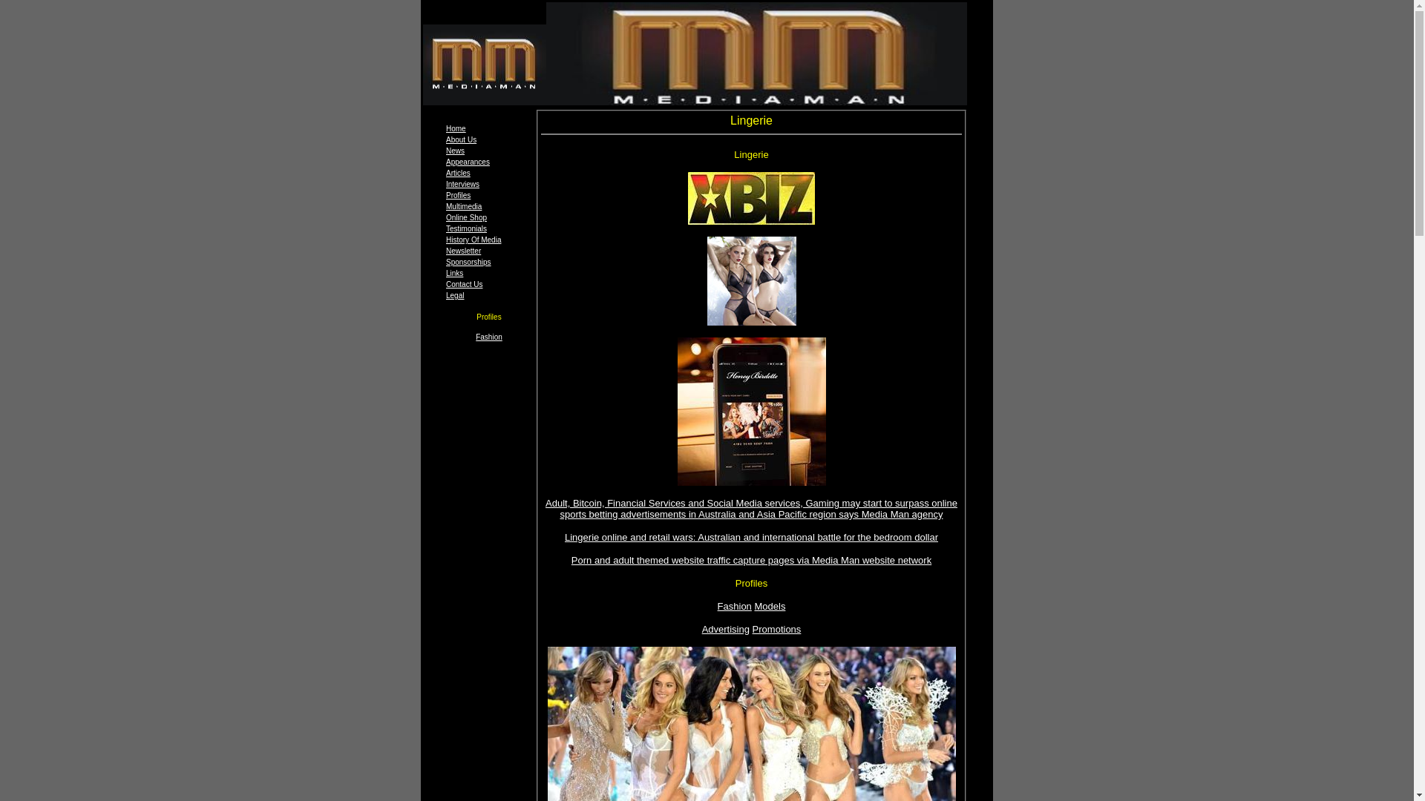 This screenshot has width=1425, height=801. I want to click on 'Sponsorships', so click(468, 261).